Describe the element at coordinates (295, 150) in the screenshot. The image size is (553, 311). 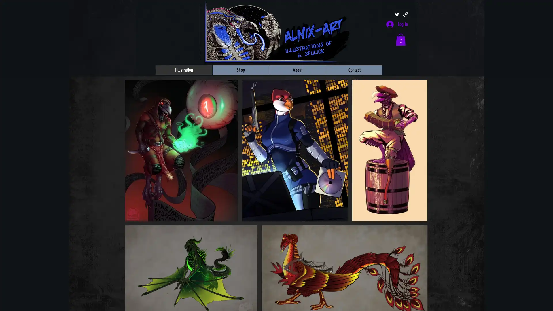
I see `MaladashIllustrationFA.jpg` at that location.